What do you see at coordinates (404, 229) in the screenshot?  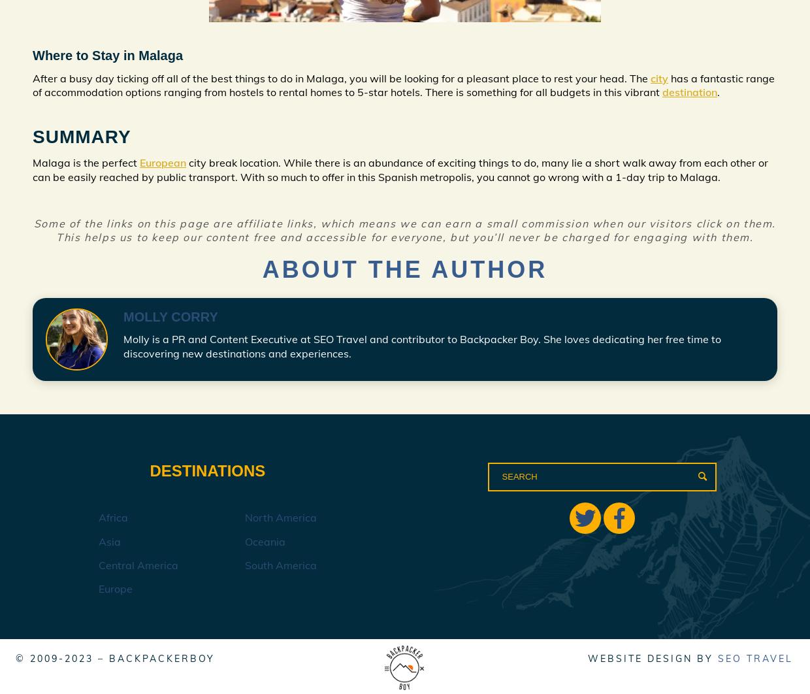 I see `'Some of the links on this page are affiliate links, which means we can earn a small commission when our visitors click on them. This helps us to keep our content free and accessible for everyone, but you’ll never be charged for engaging with them.'` at bounding box center [404, 229].